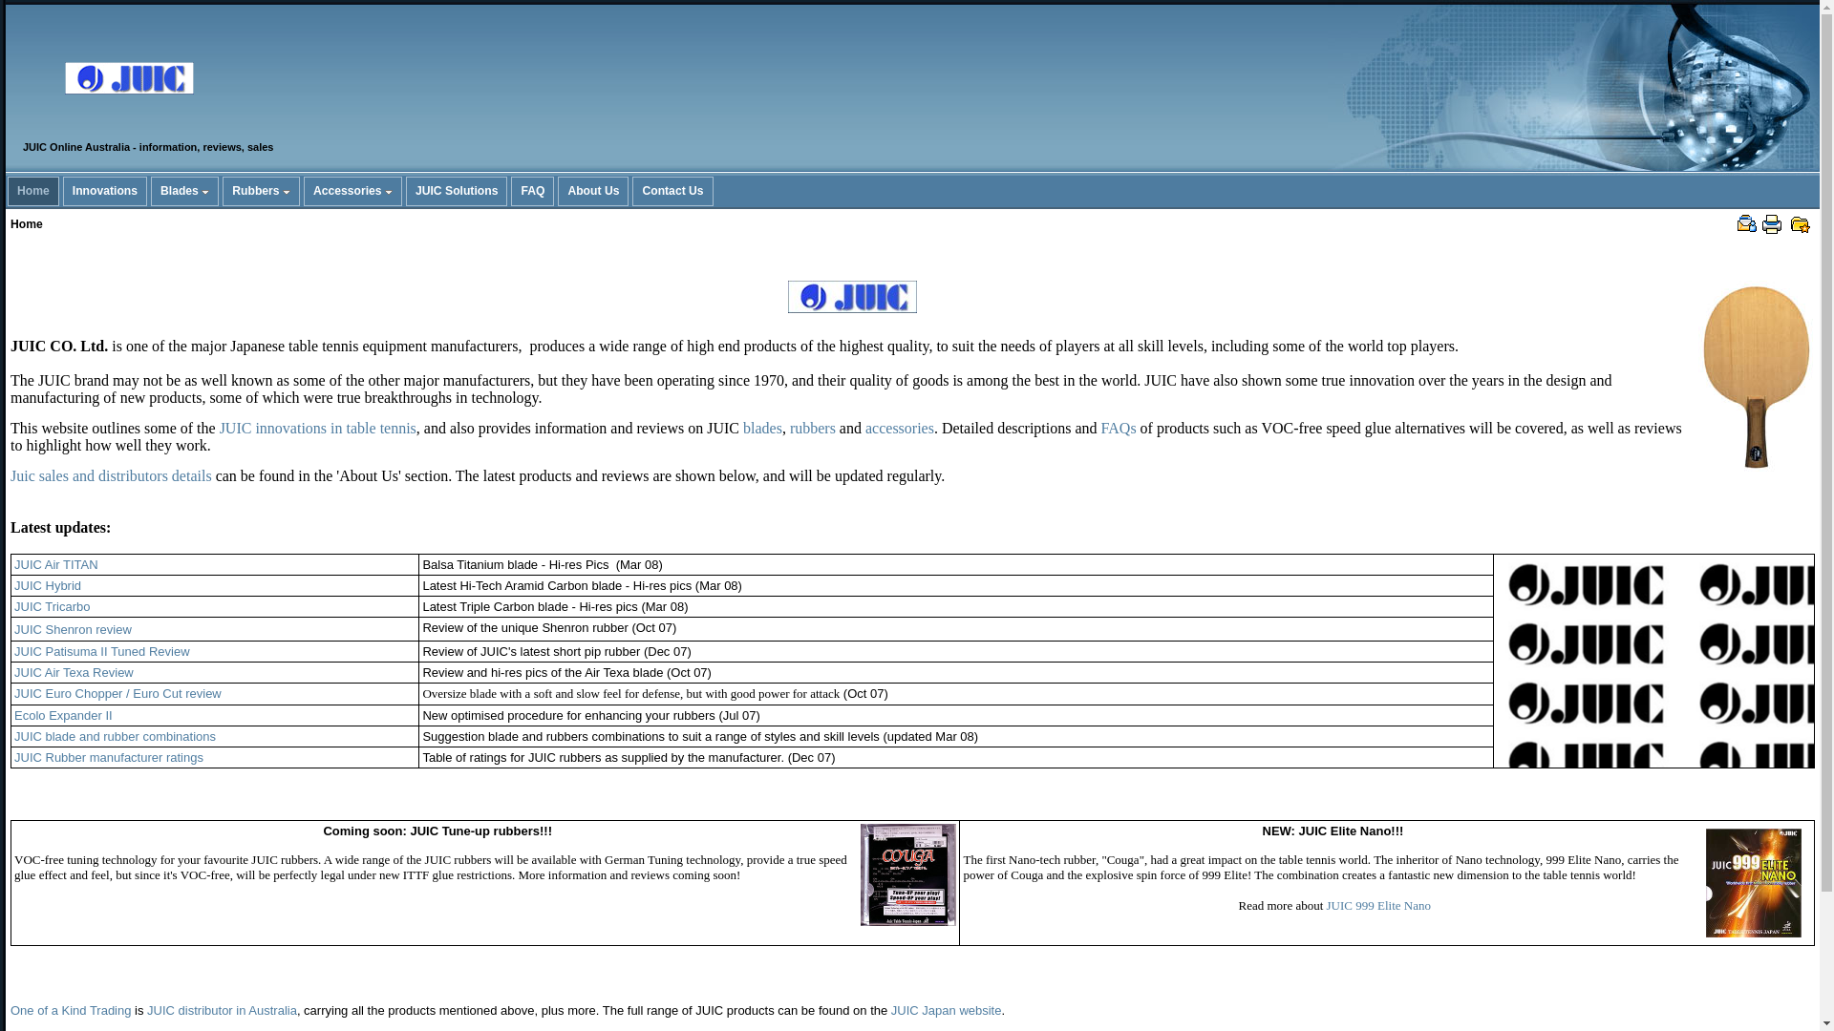  I want to click on 'Add to Favorite', so click(1800, 223).